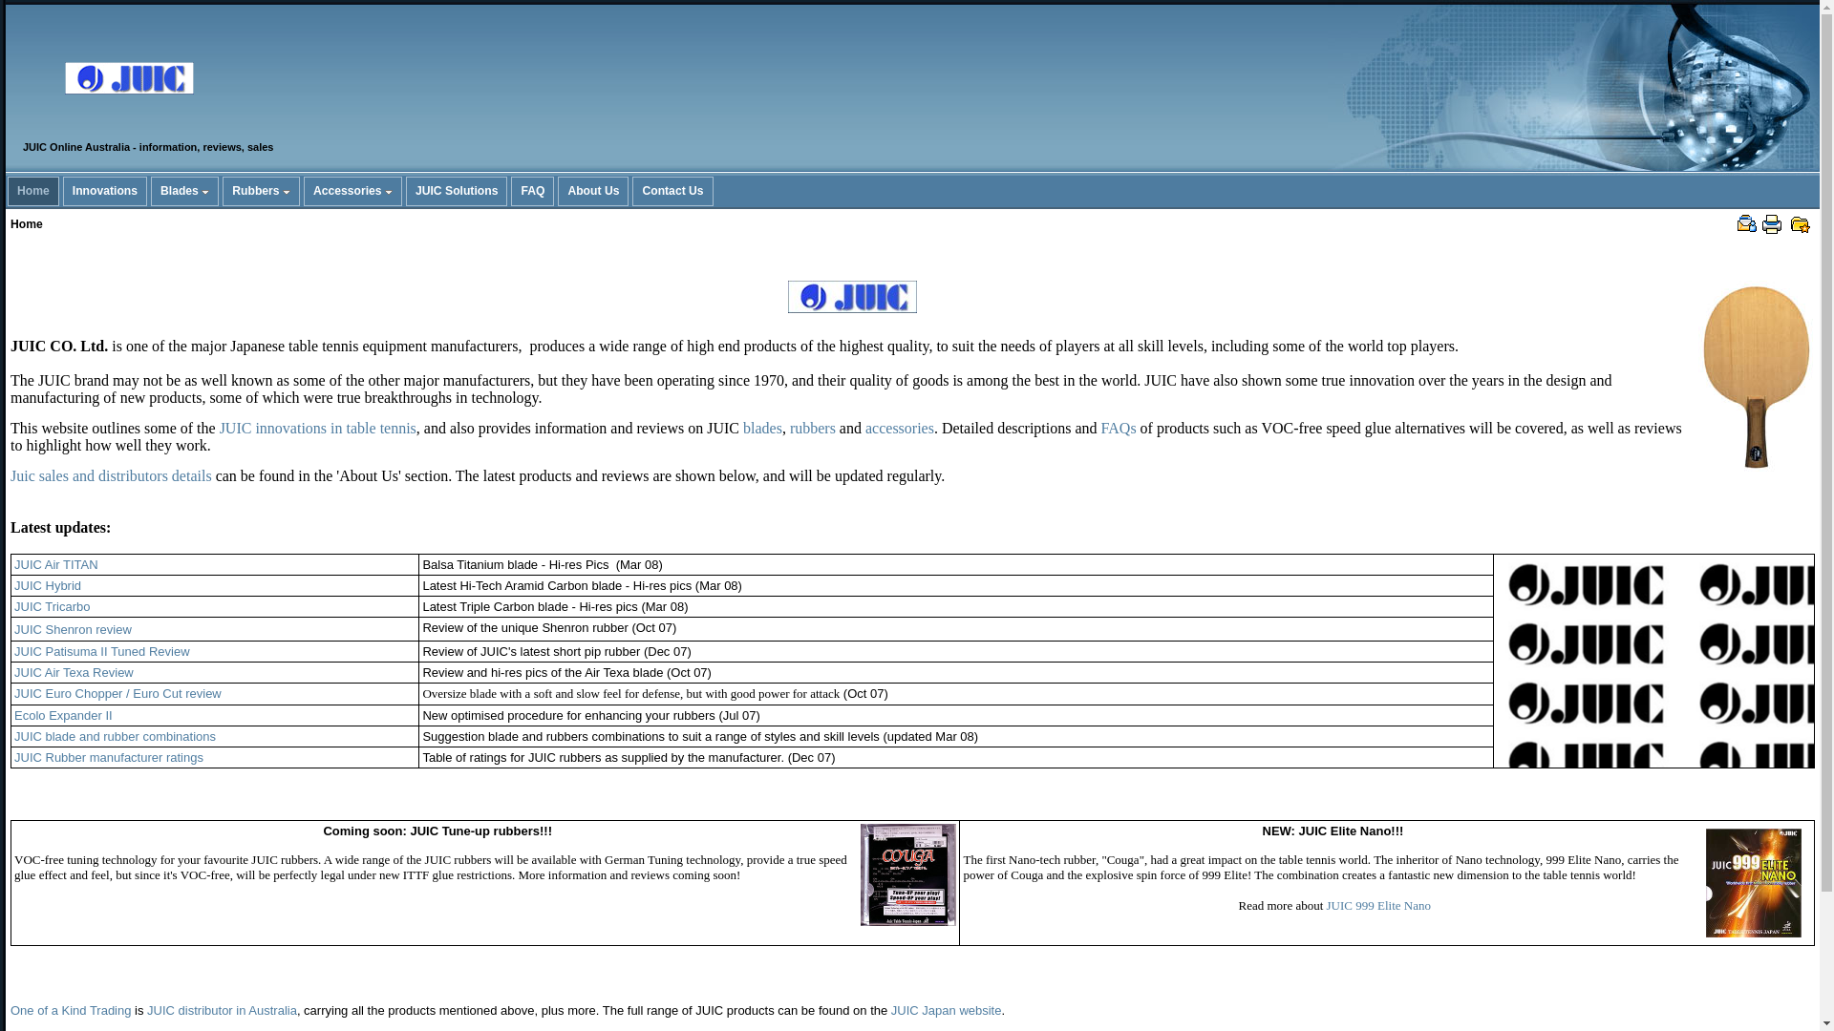  I want to click on 'Add to Favorite', so click(1800, 223).